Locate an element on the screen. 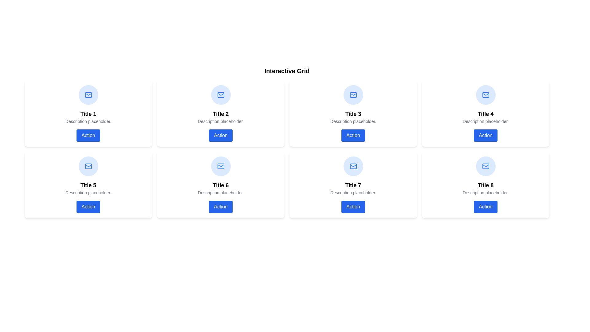 Image resolution: width=590 pixels, height=332 pixels. the static text label located below 'Title 3' and above the 'Action' button in the upper row, third card from the left is located at coordinates (353, 121).